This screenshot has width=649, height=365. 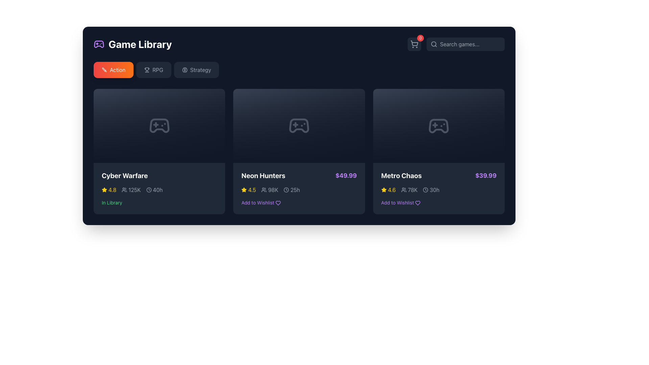 I want to click on the rating value displayed as '4.5' in a yellow star icon on the second content card from the left in the game's list, so click(x=248, y=190).